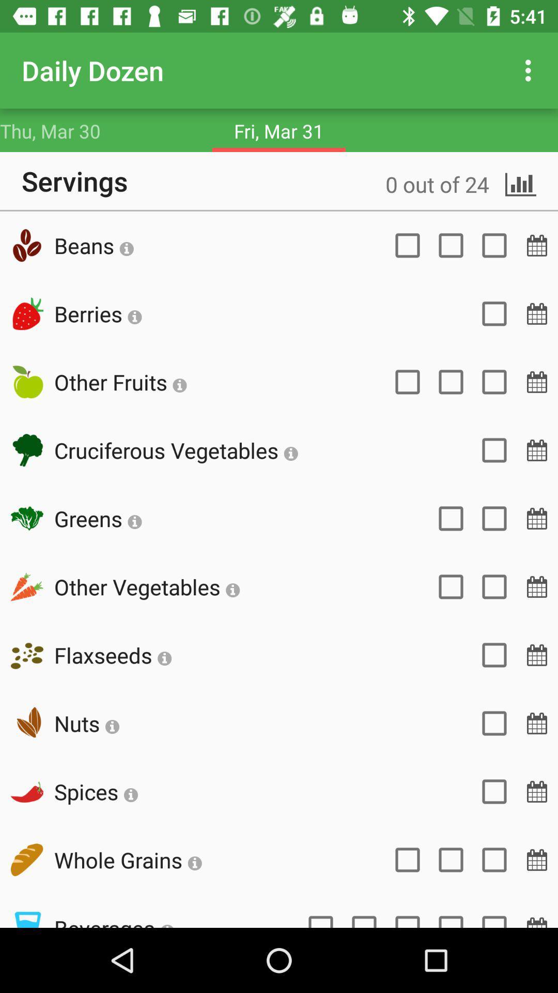 This screenshot has height=993, width=558. Describe the element at coordinates (536, 381) in the screenshot. I see `the date_range icon` at that location.